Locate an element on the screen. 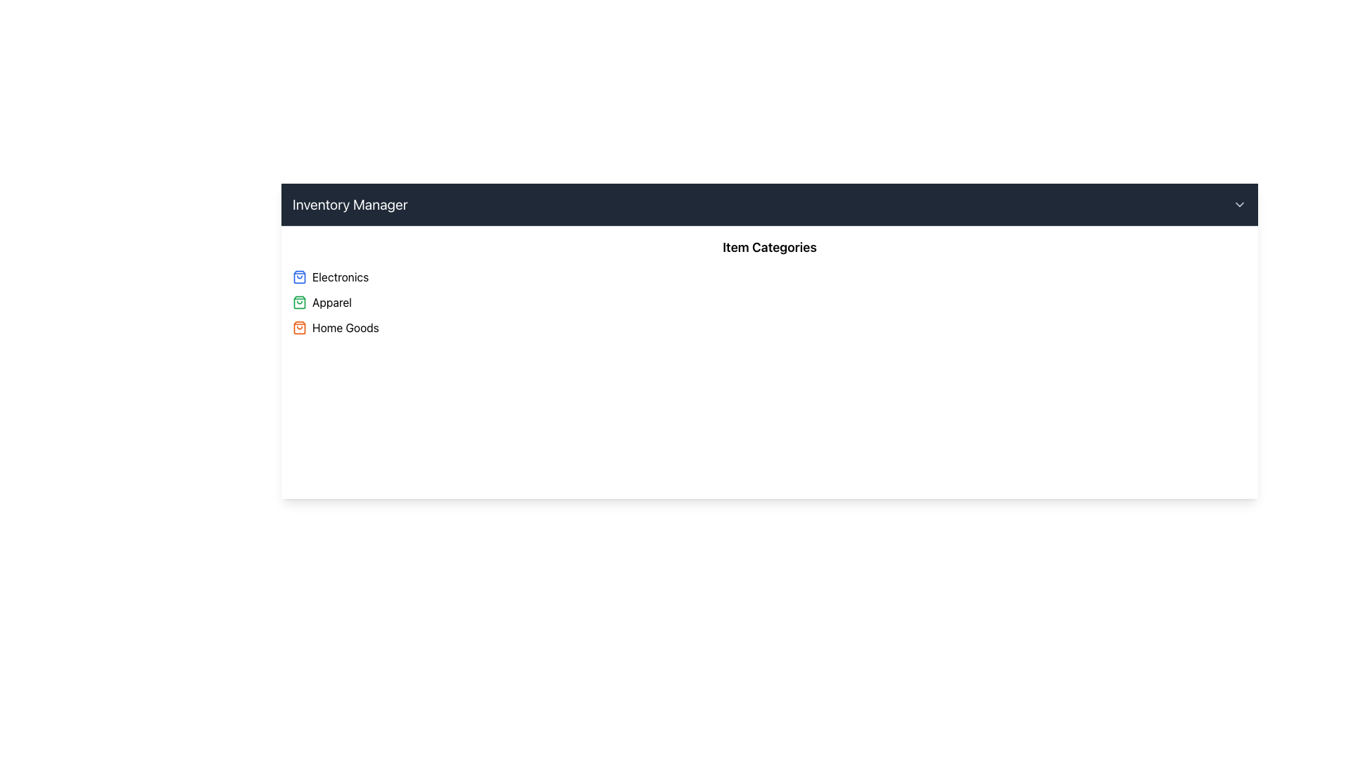 Image resolution: width=1351 pixels, height=760 pixels. the 'Electronics' text label, which is a bold label next to a blue shopping bag icon in a vertical category list is located at coordinates (341, 277).